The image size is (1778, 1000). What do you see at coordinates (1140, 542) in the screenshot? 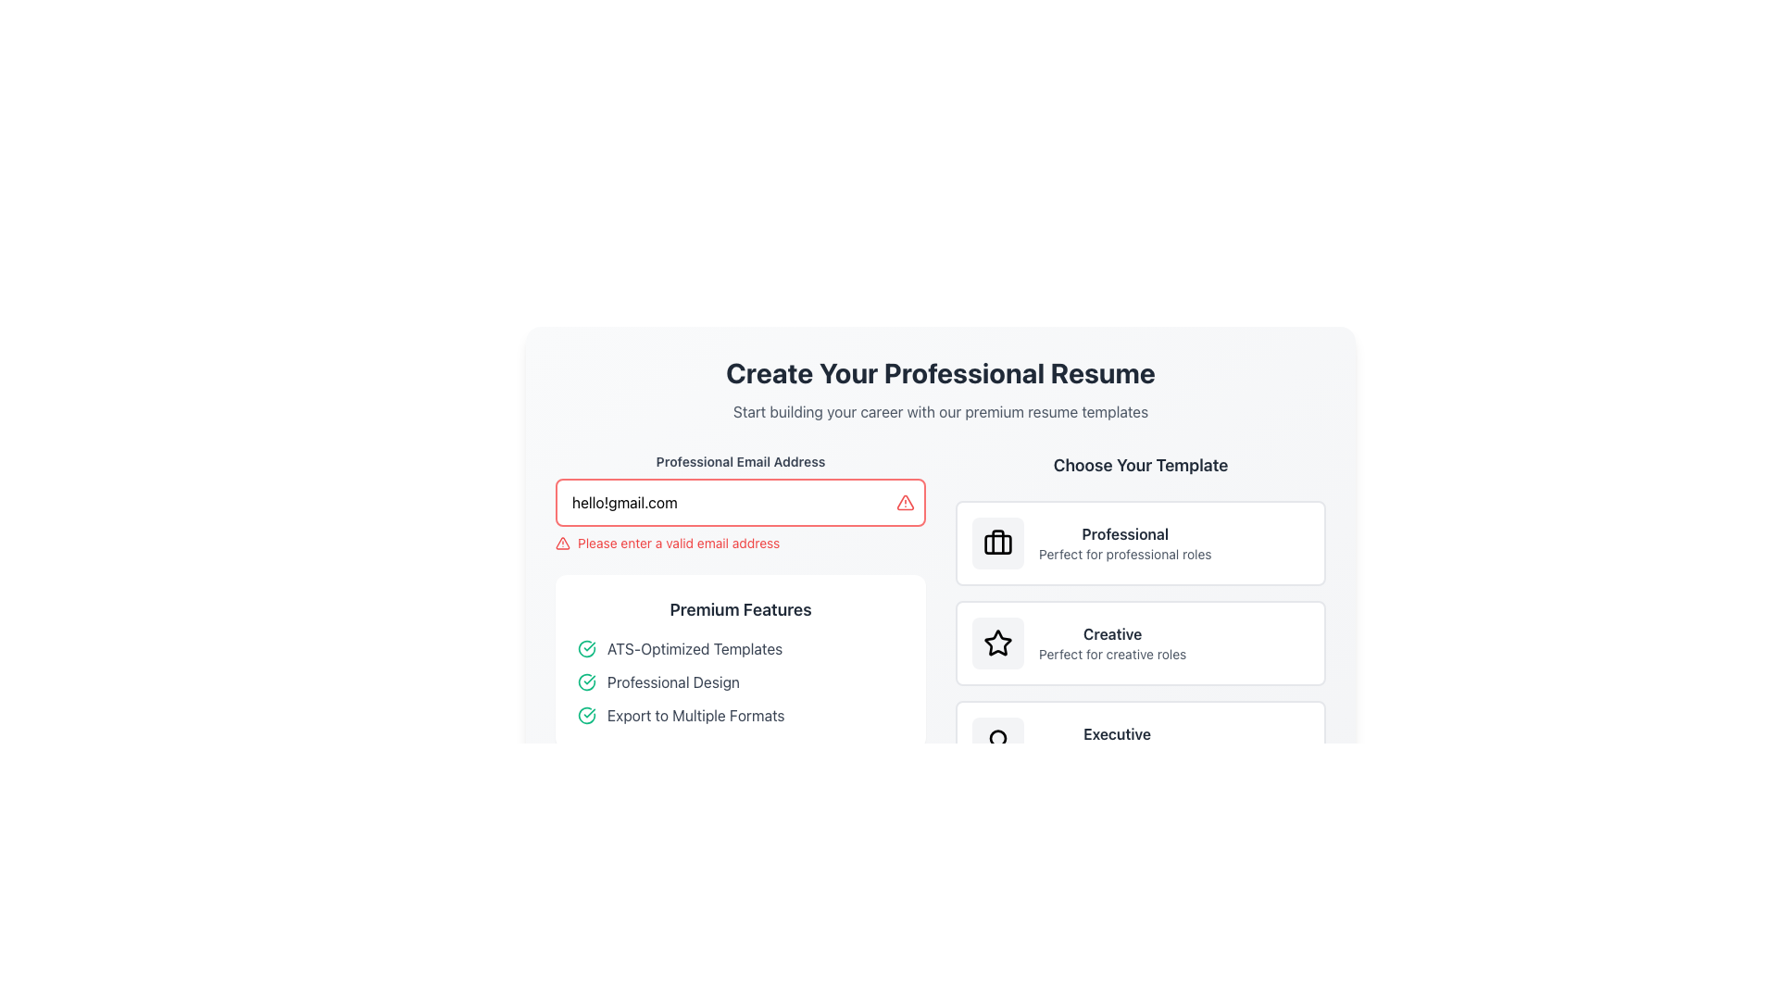
I see `the 'Professional' selectable card or button in the 'Choose Your Template' section` at bounding box center [1140, 542].